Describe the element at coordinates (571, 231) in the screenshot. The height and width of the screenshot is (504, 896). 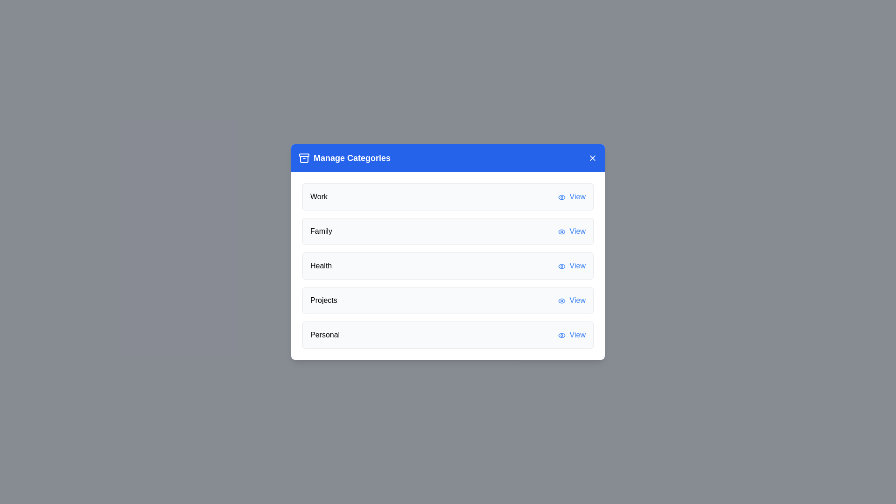
I see `the 'View' button for the category Family` at that location.